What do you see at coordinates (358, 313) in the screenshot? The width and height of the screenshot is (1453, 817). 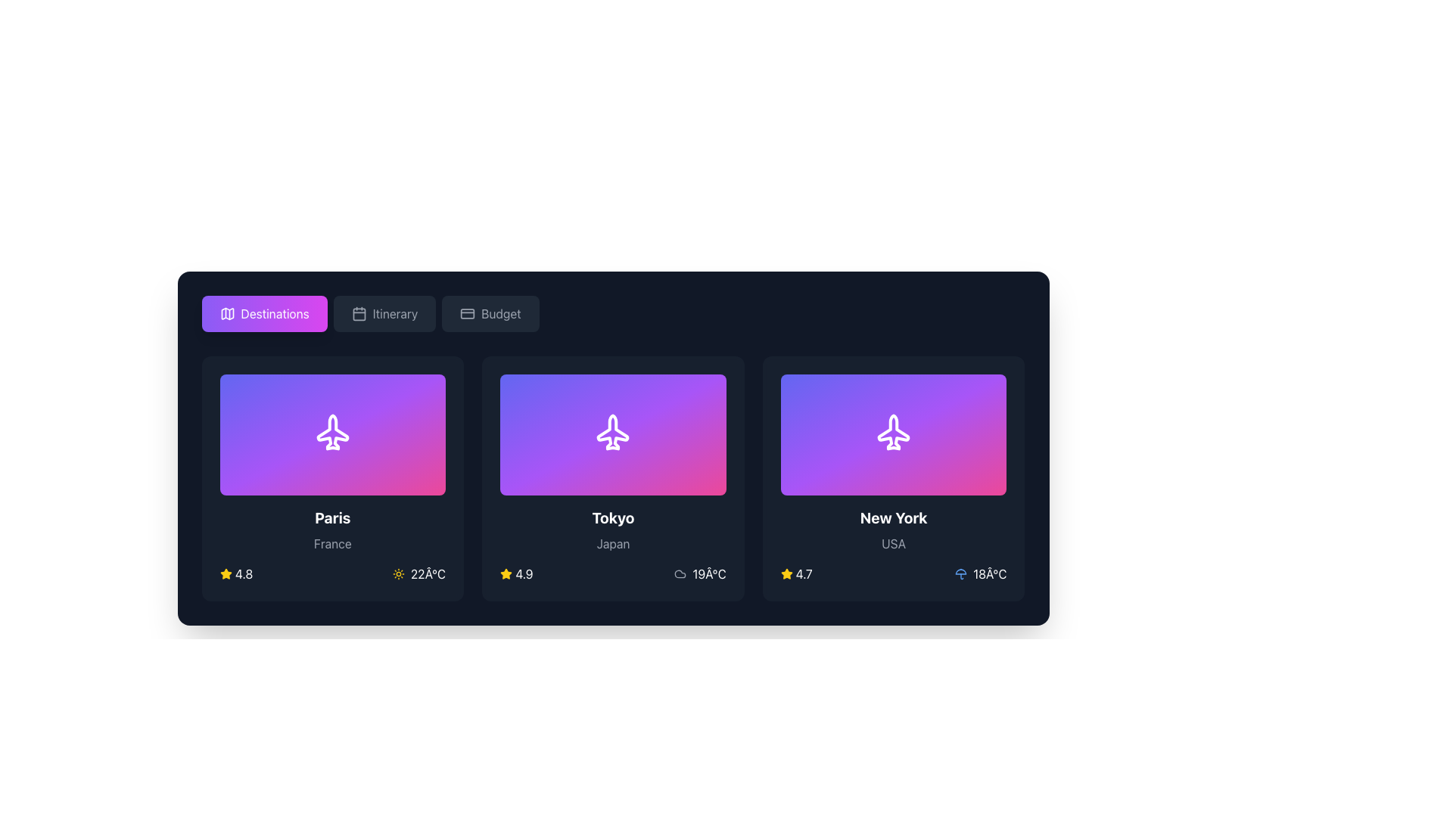 I see `the small grayscale calendar icon located next to the text 'Itinerary' on the navigation bar` at bounding box center [358, 313].